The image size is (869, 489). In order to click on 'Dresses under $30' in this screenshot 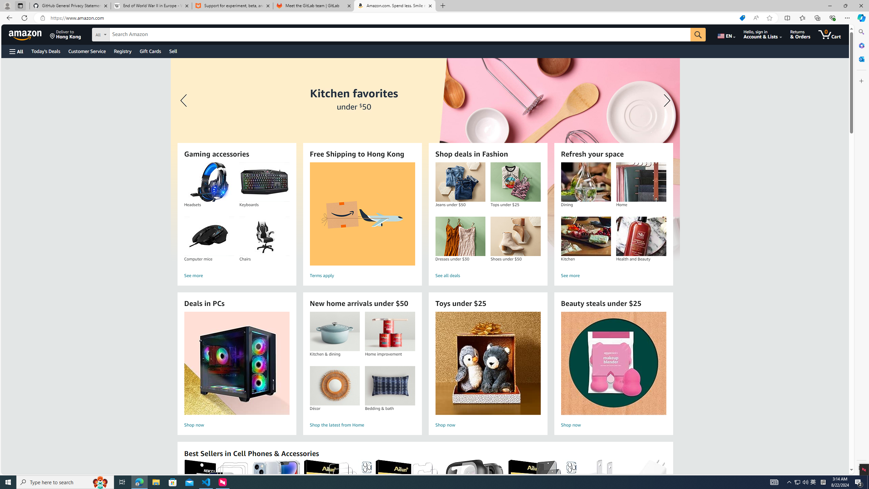, I will do `click(460, 236)`.